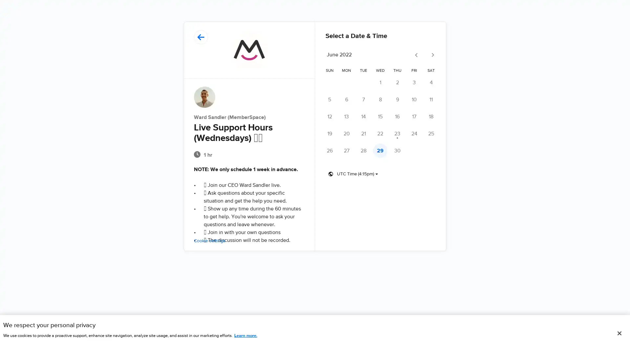  I want to click on Close, so click(619, 333).